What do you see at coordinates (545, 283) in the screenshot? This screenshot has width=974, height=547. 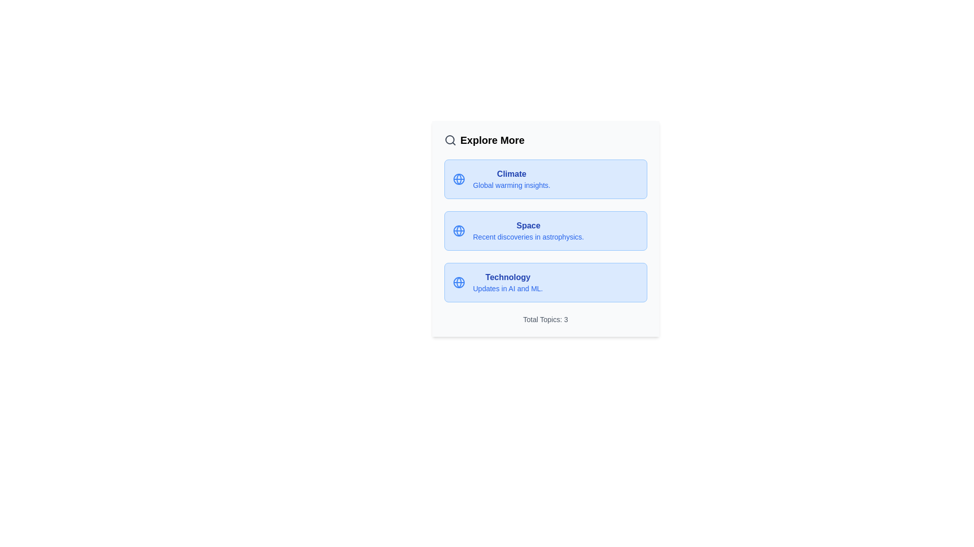 I see `the 'Technology' chip to explore its details` at bounding box center [545, 283].